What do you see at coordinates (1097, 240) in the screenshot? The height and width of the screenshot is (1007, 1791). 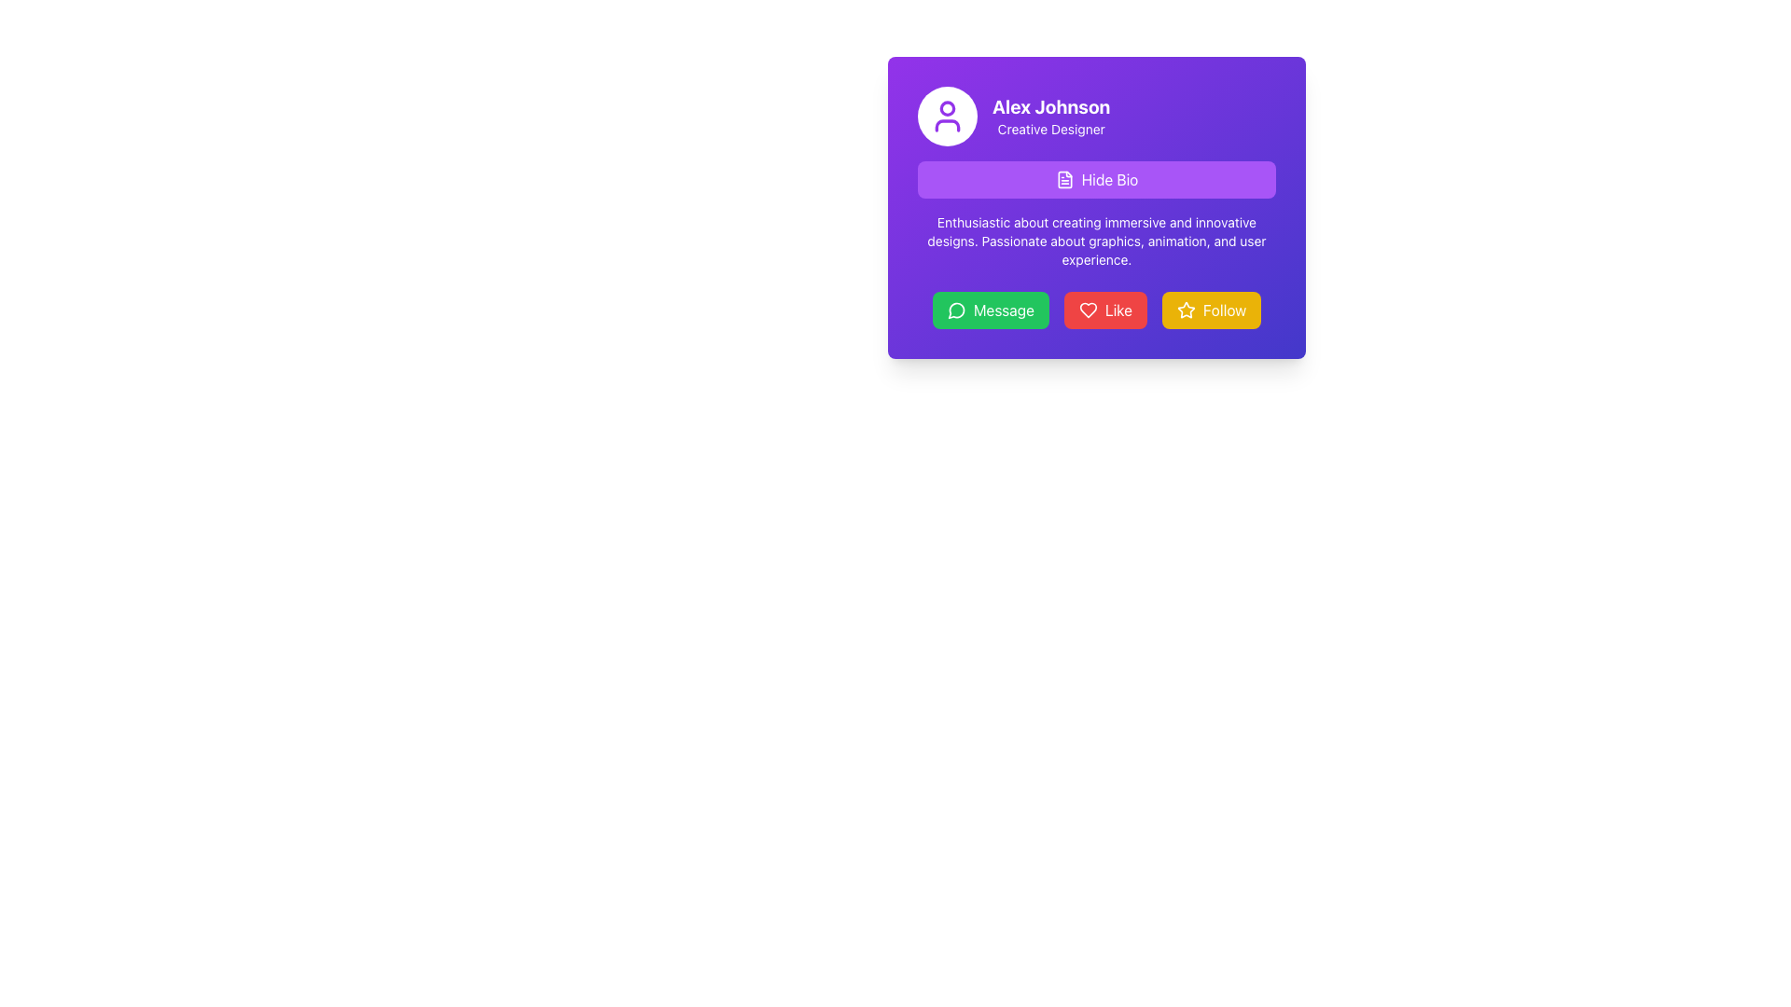 I see `the Text Display element containing the paragraph about immersive and innovative designs, which is styled with the 'text-sm' class and located in a purple section just below the 'Hide Bio' button` at bounding box center [1097, 240].